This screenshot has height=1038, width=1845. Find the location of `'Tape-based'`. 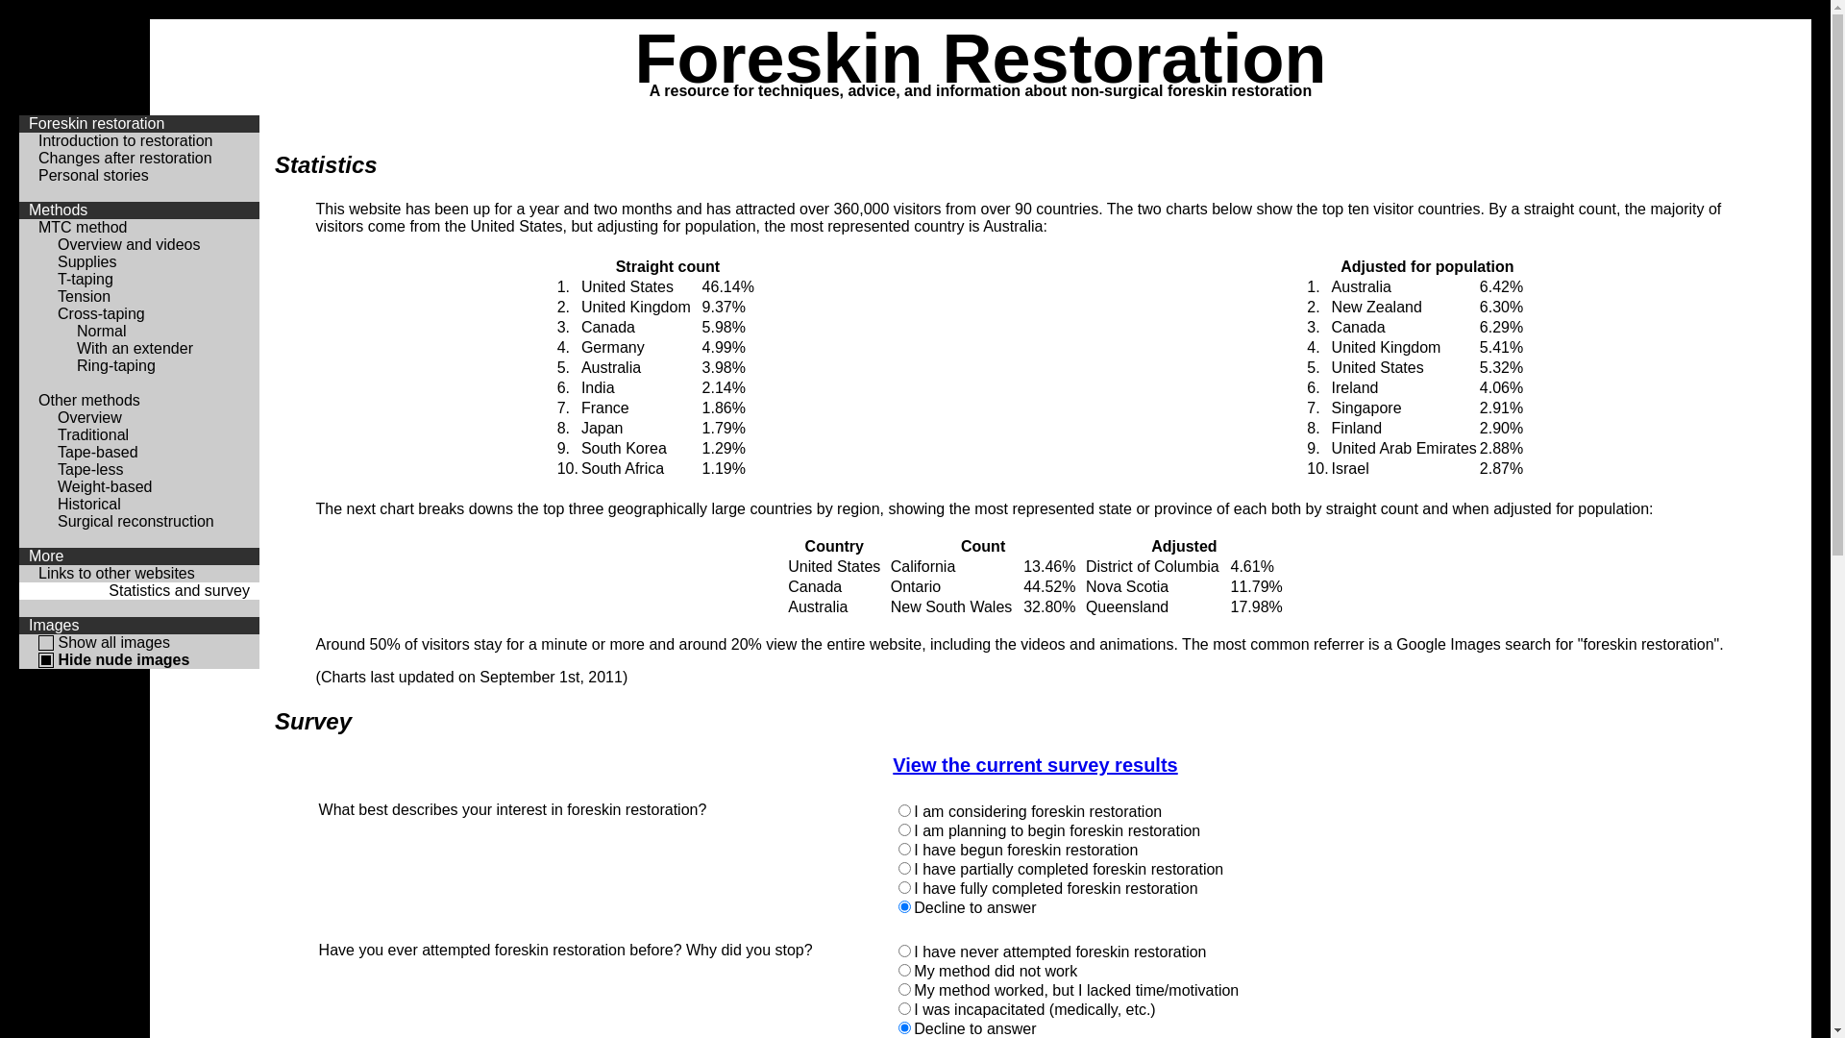

'Tape-based' is located at coordinates (96, 452).